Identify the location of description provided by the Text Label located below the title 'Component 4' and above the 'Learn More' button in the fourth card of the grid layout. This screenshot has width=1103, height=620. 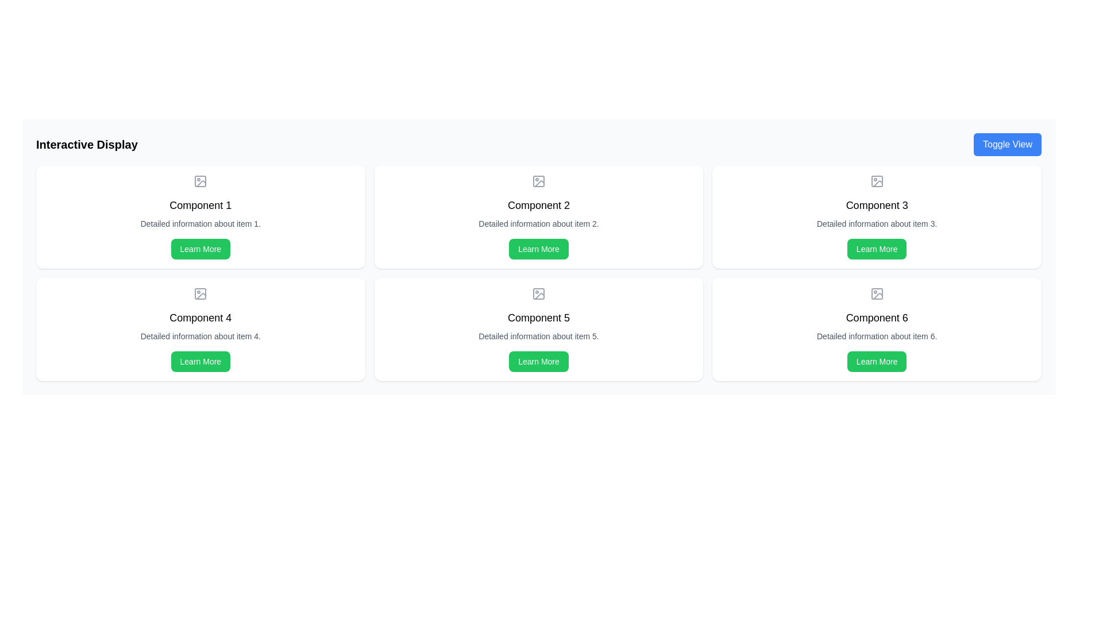
(200, 336).